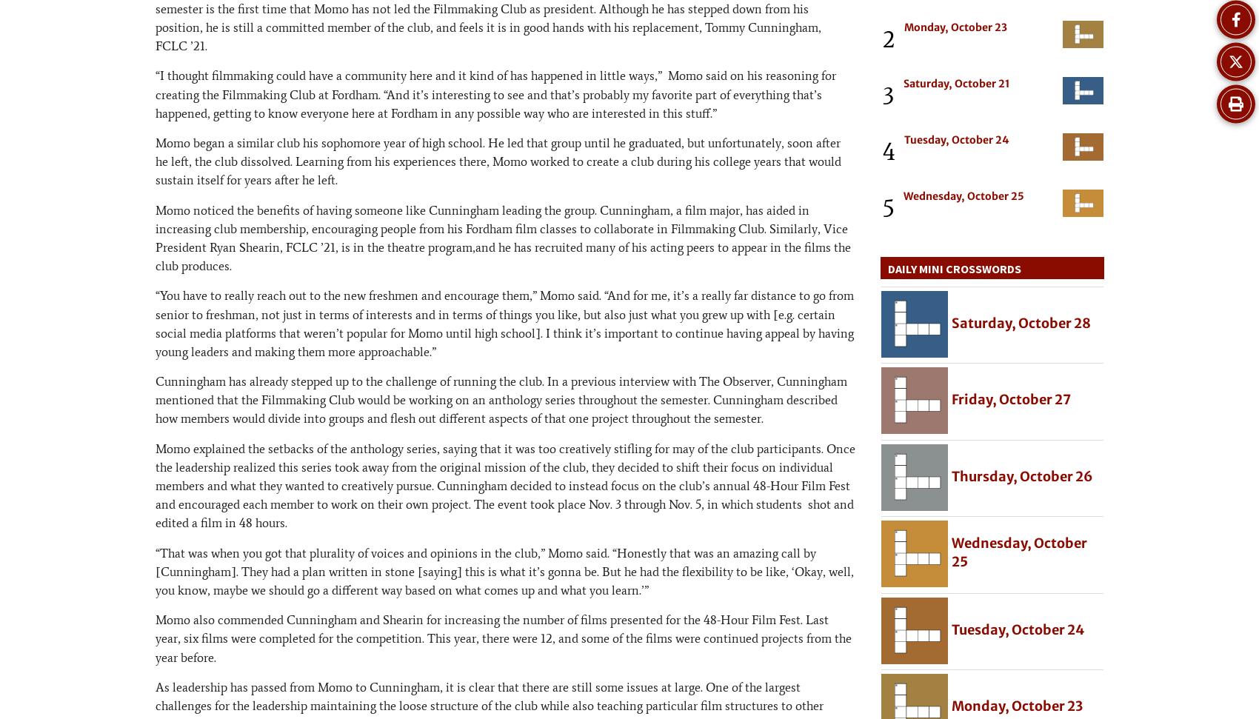 Image resolution: width=1259 pixels, height=719 pixels. I want to click on '“I thought filmmaking could have a community here and it kind of has happened in little ways,”  Momo said on his reasoning for creating the Filmmaking Club at Fordham. “And it’s interesting to see and that’s probably my favorite part of everything that’s happened, getting to know everyone here at Fordham in any possible way who are interested in this stuff.”', so click(495, 94).